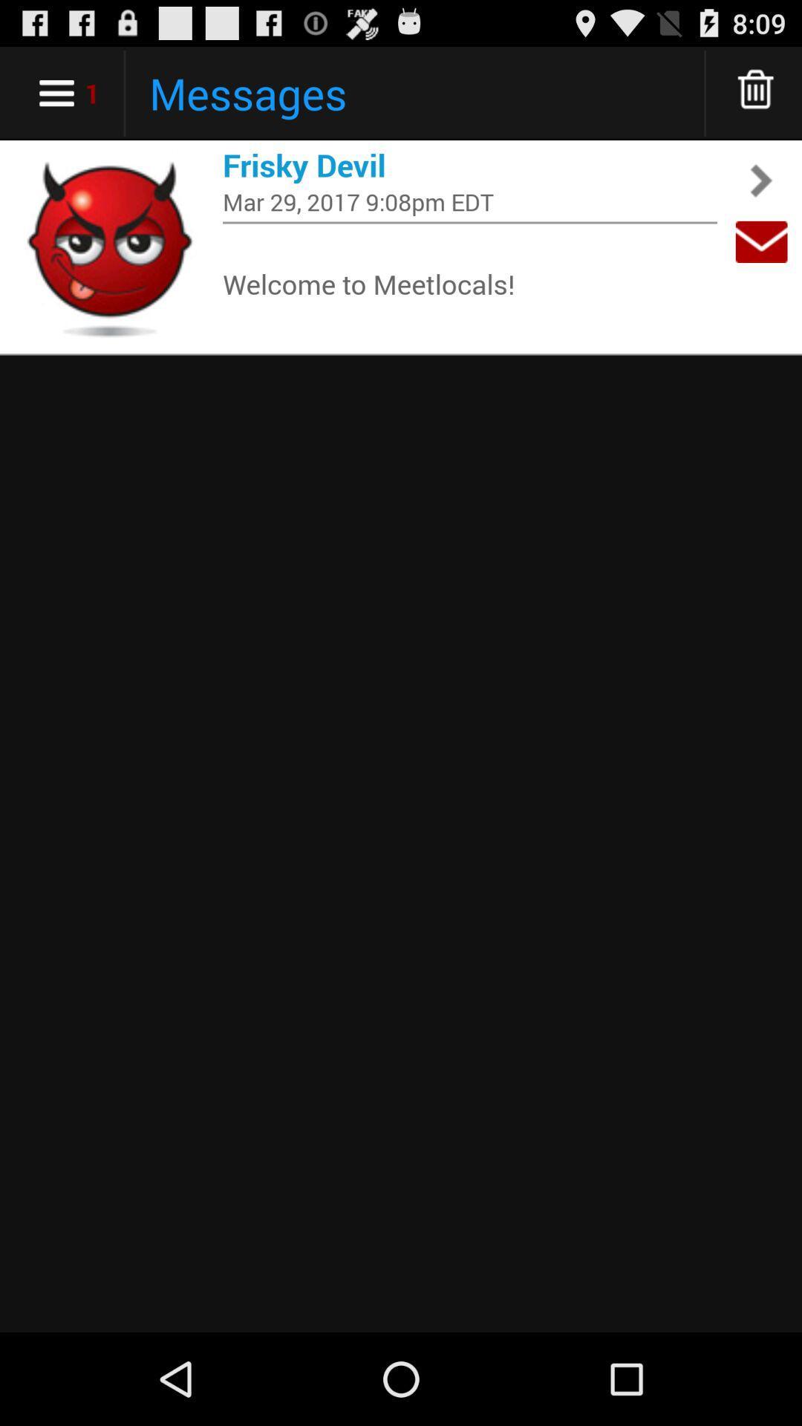 This screenshot has height=1426, width=802. I want to click on item above welcome to meetlocals icon, so click(469, 221).